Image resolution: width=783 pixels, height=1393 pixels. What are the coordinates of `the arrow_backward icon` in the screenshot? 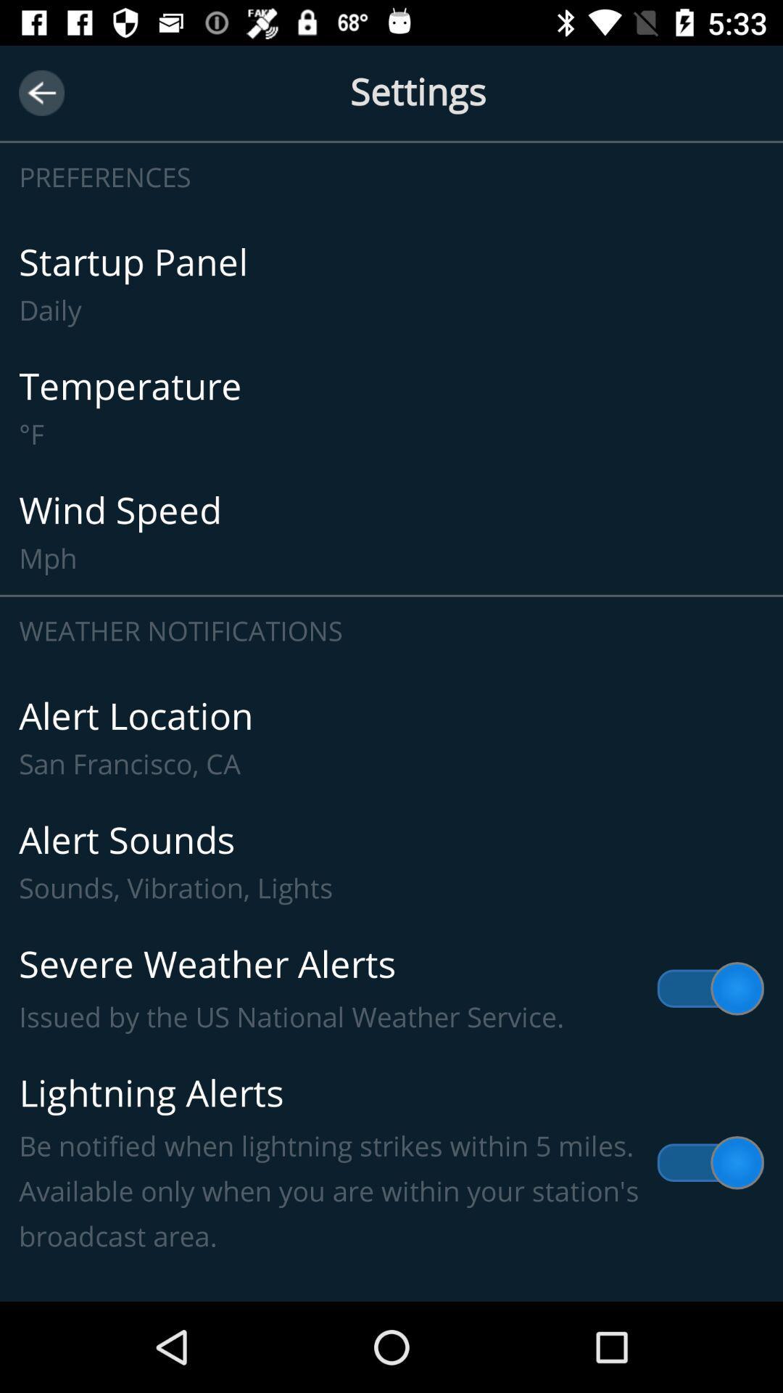 It's located at (41, 92).